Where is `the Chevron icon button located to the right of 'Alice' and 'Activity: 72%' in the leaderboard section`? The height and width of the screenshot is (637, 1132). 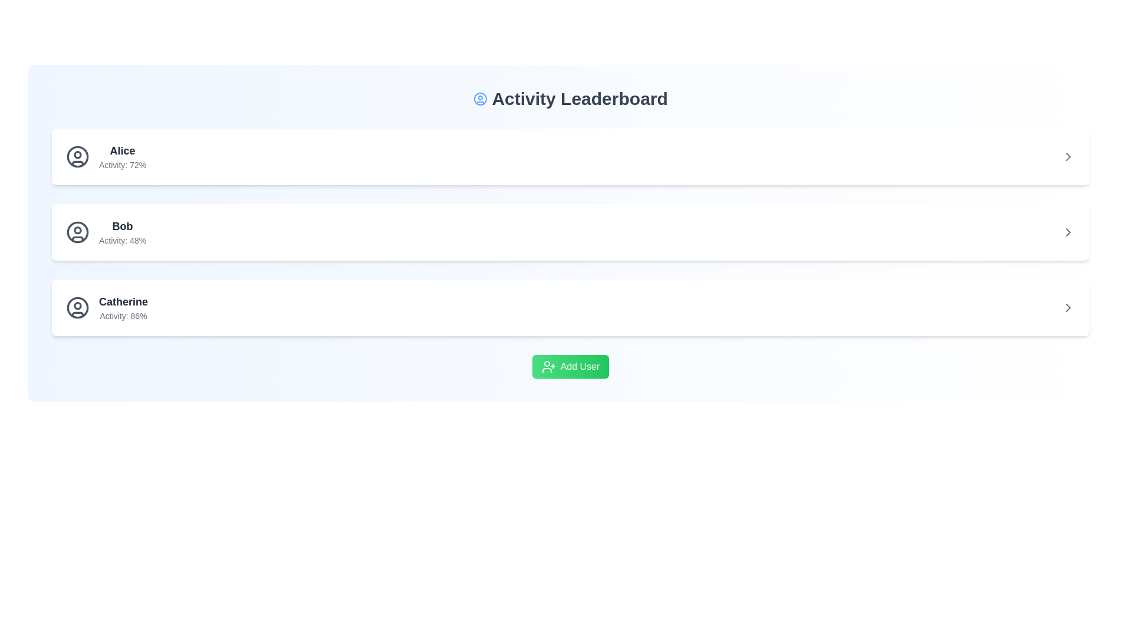
the Chevron icon button located to the right of 'Alice' and 'Activity: 72%' in the leaderboard section is located at coordinates (1068, 156).